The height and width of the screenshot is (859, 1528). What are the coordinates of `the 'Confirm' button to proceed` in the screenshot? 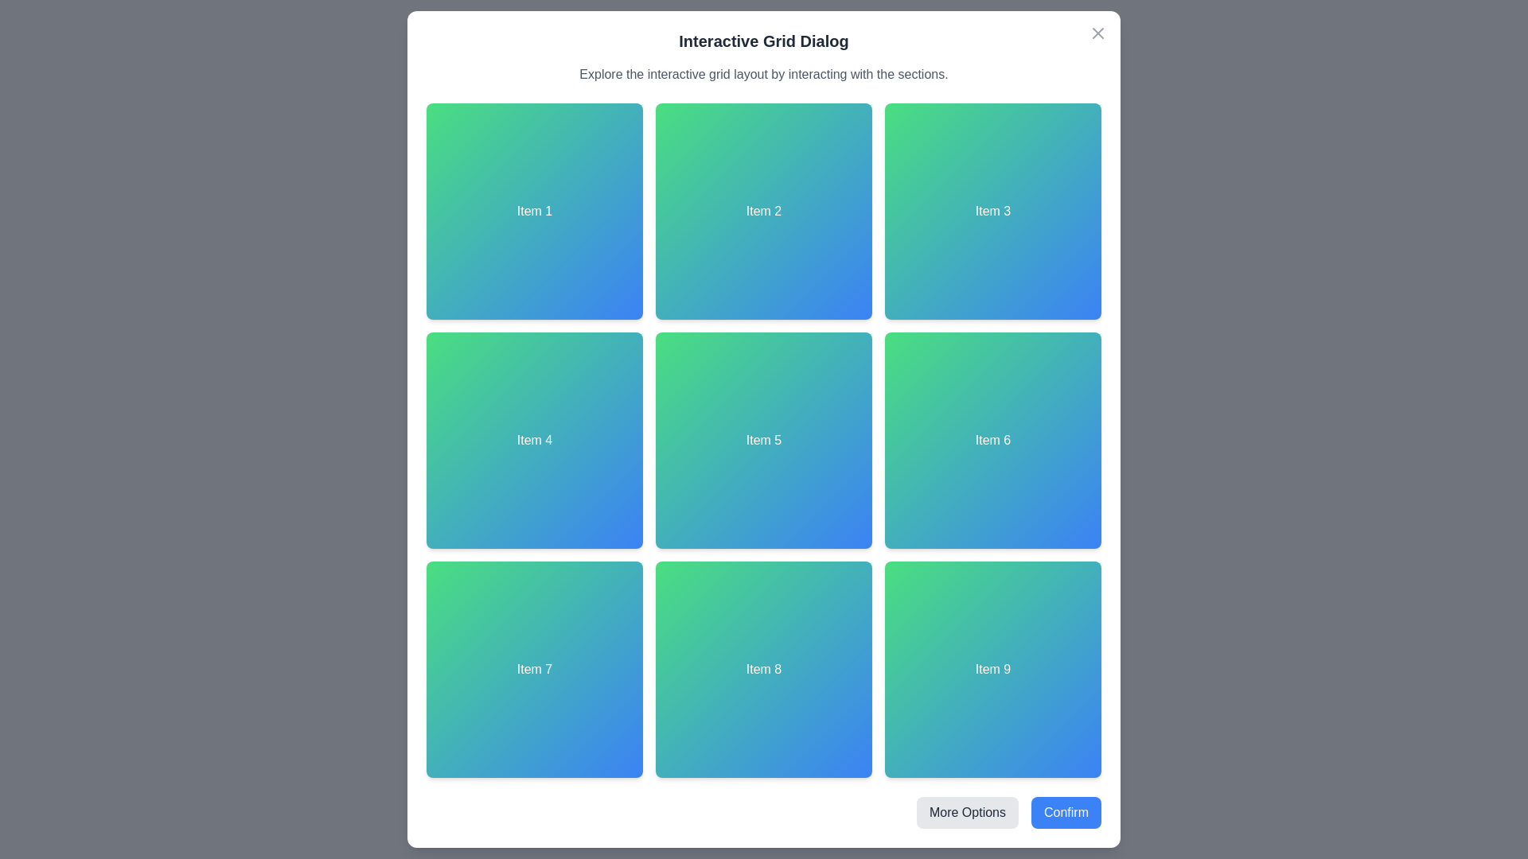 It's located at (1066, 813).